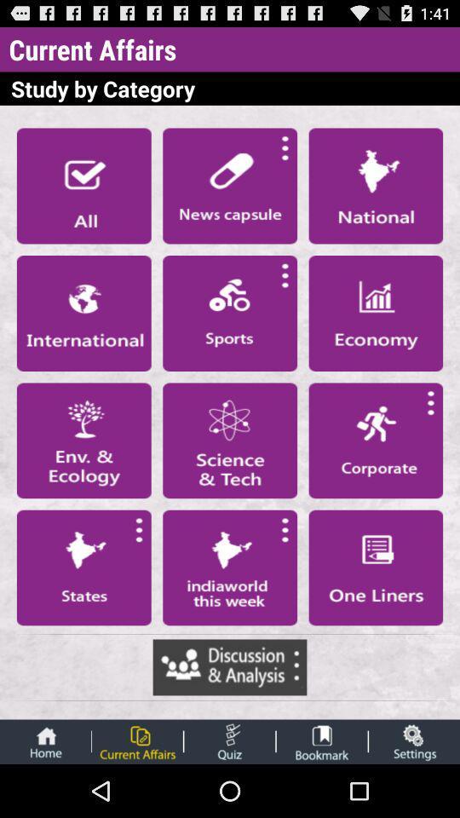  What do you see at coordinates (136, 740) in the screenshot?
I see `open current affairs` at bounding box center [136, 740].